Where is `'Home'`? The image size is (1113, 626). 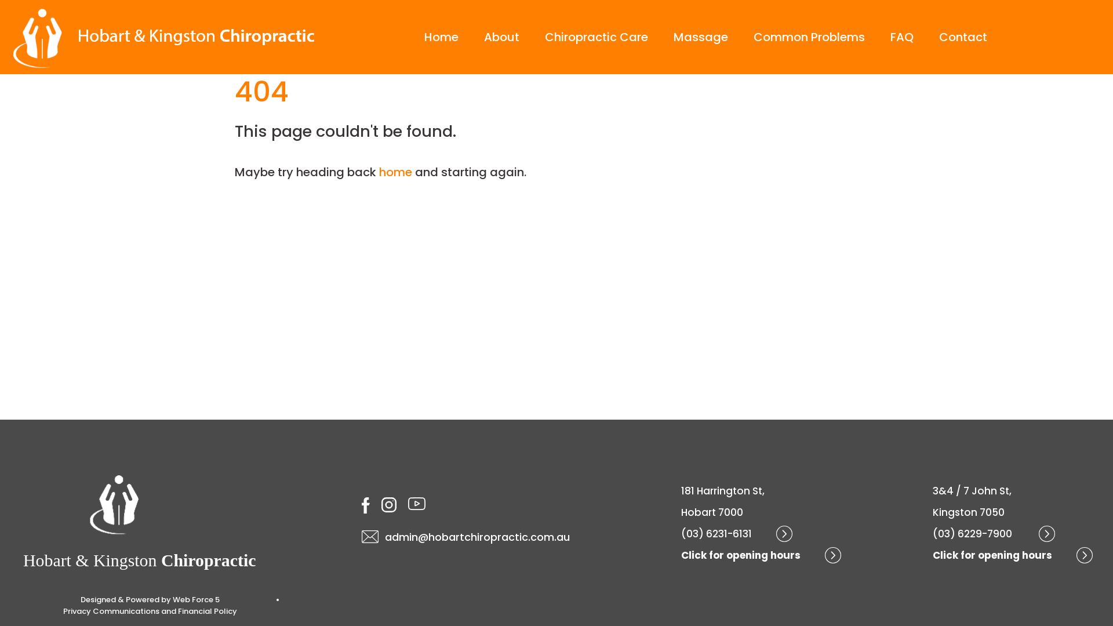 'Home' is located at coordinates (441, 37).